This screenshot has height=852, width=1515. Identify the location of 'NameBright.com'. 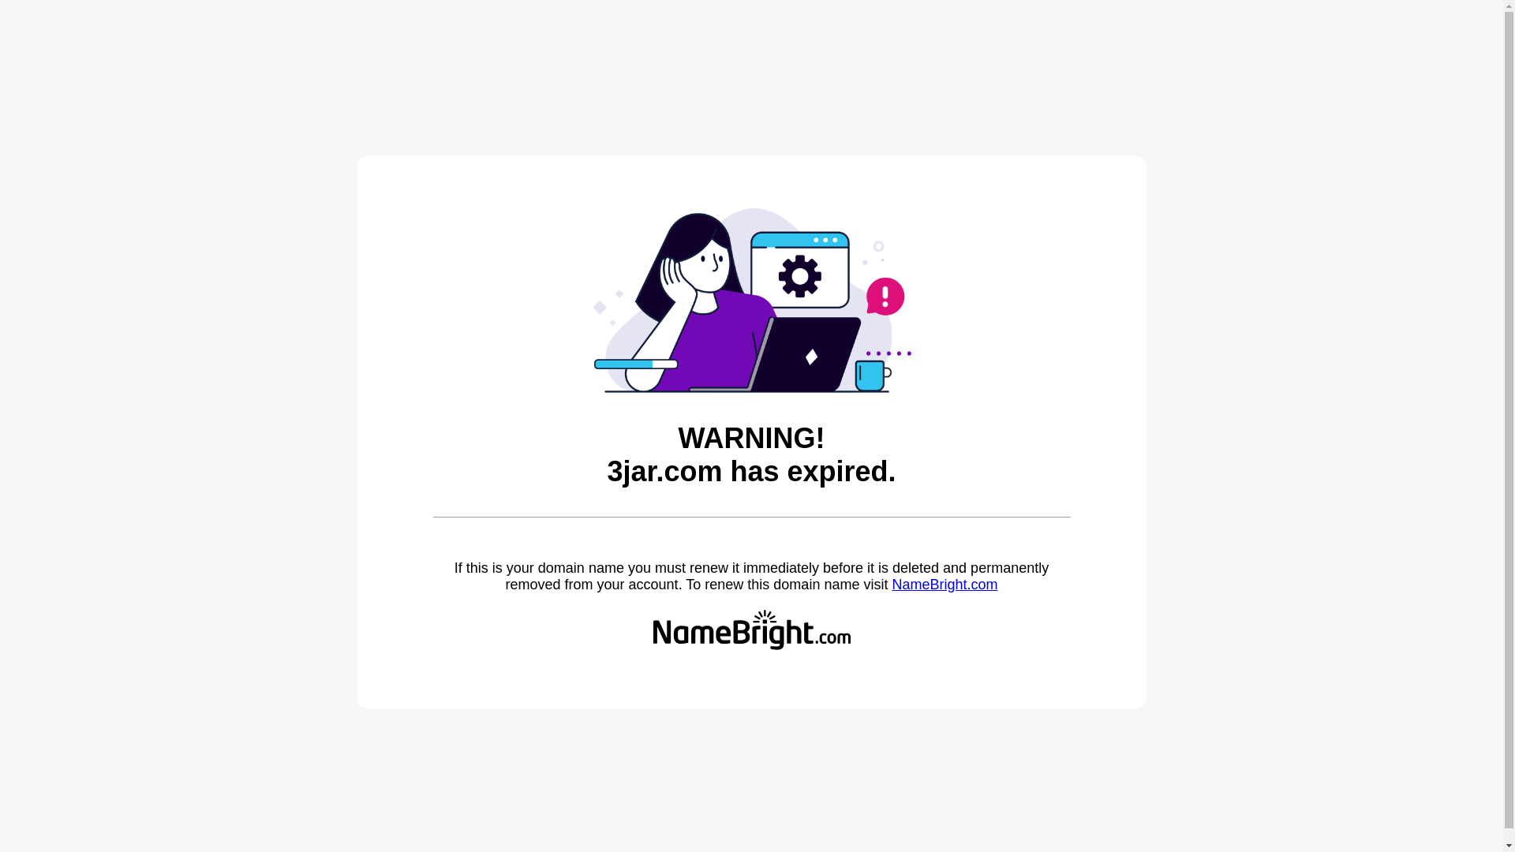
(891, 584).